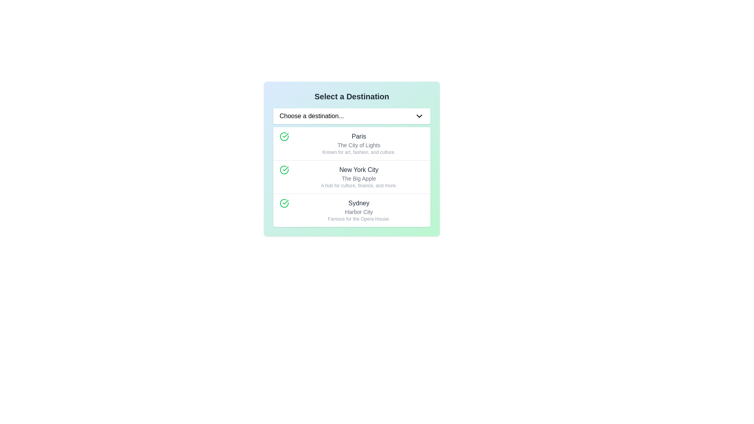 The image size is (754, 424). I want to click on the descriptive text label that highlights the association of 'Paris' with art, fashion, and culture, located at the bottom of the destination card, so click(358, 152).